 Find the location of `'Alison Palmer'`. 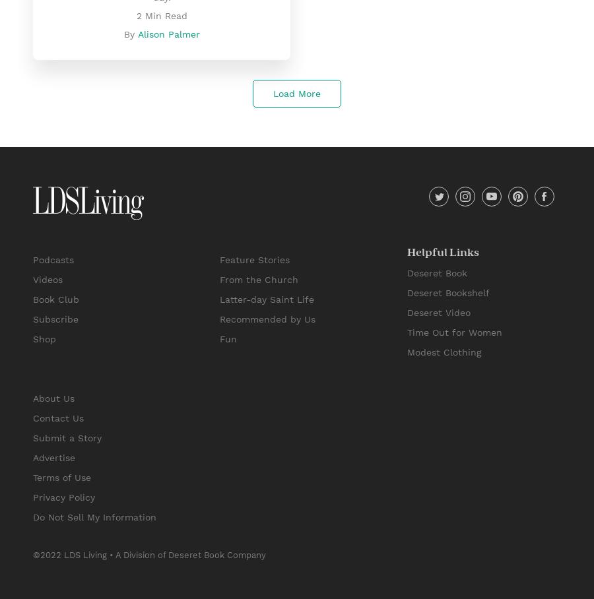

'Alison Palmer' is located at coordinates (167, 34).